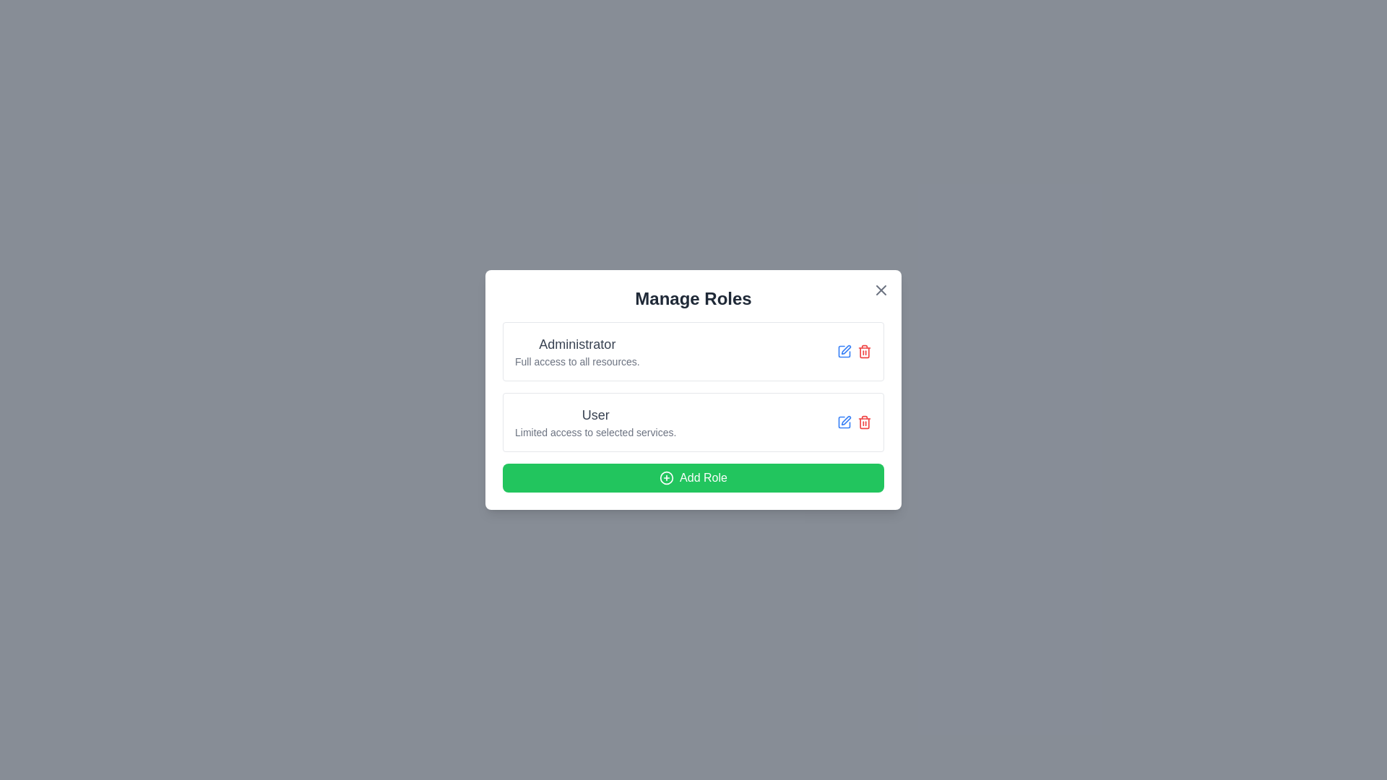  What do you see at coordinates (846, 350) in the screenshot?
I see `the interactive icon for editing functionality next to the 'Administrator' label` at bounding box center [846, 350].